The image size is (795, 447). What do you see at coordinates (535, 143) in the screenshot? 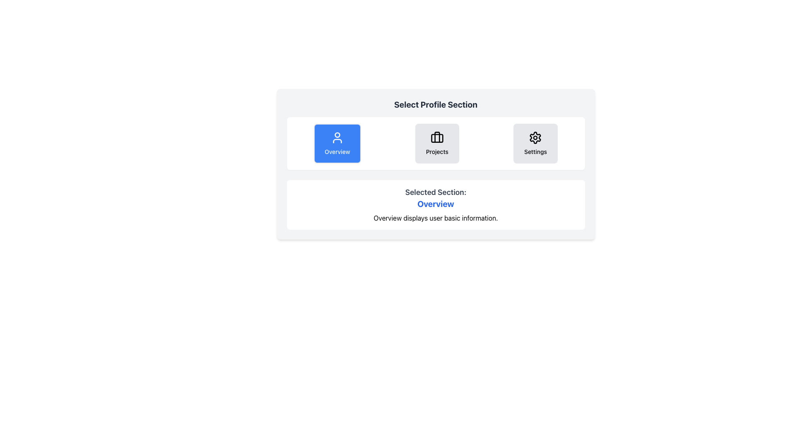
I see `the Settings button, which has a central black cogwheel icon and the text 'Settings' below it` at bounding box center [535, 143].